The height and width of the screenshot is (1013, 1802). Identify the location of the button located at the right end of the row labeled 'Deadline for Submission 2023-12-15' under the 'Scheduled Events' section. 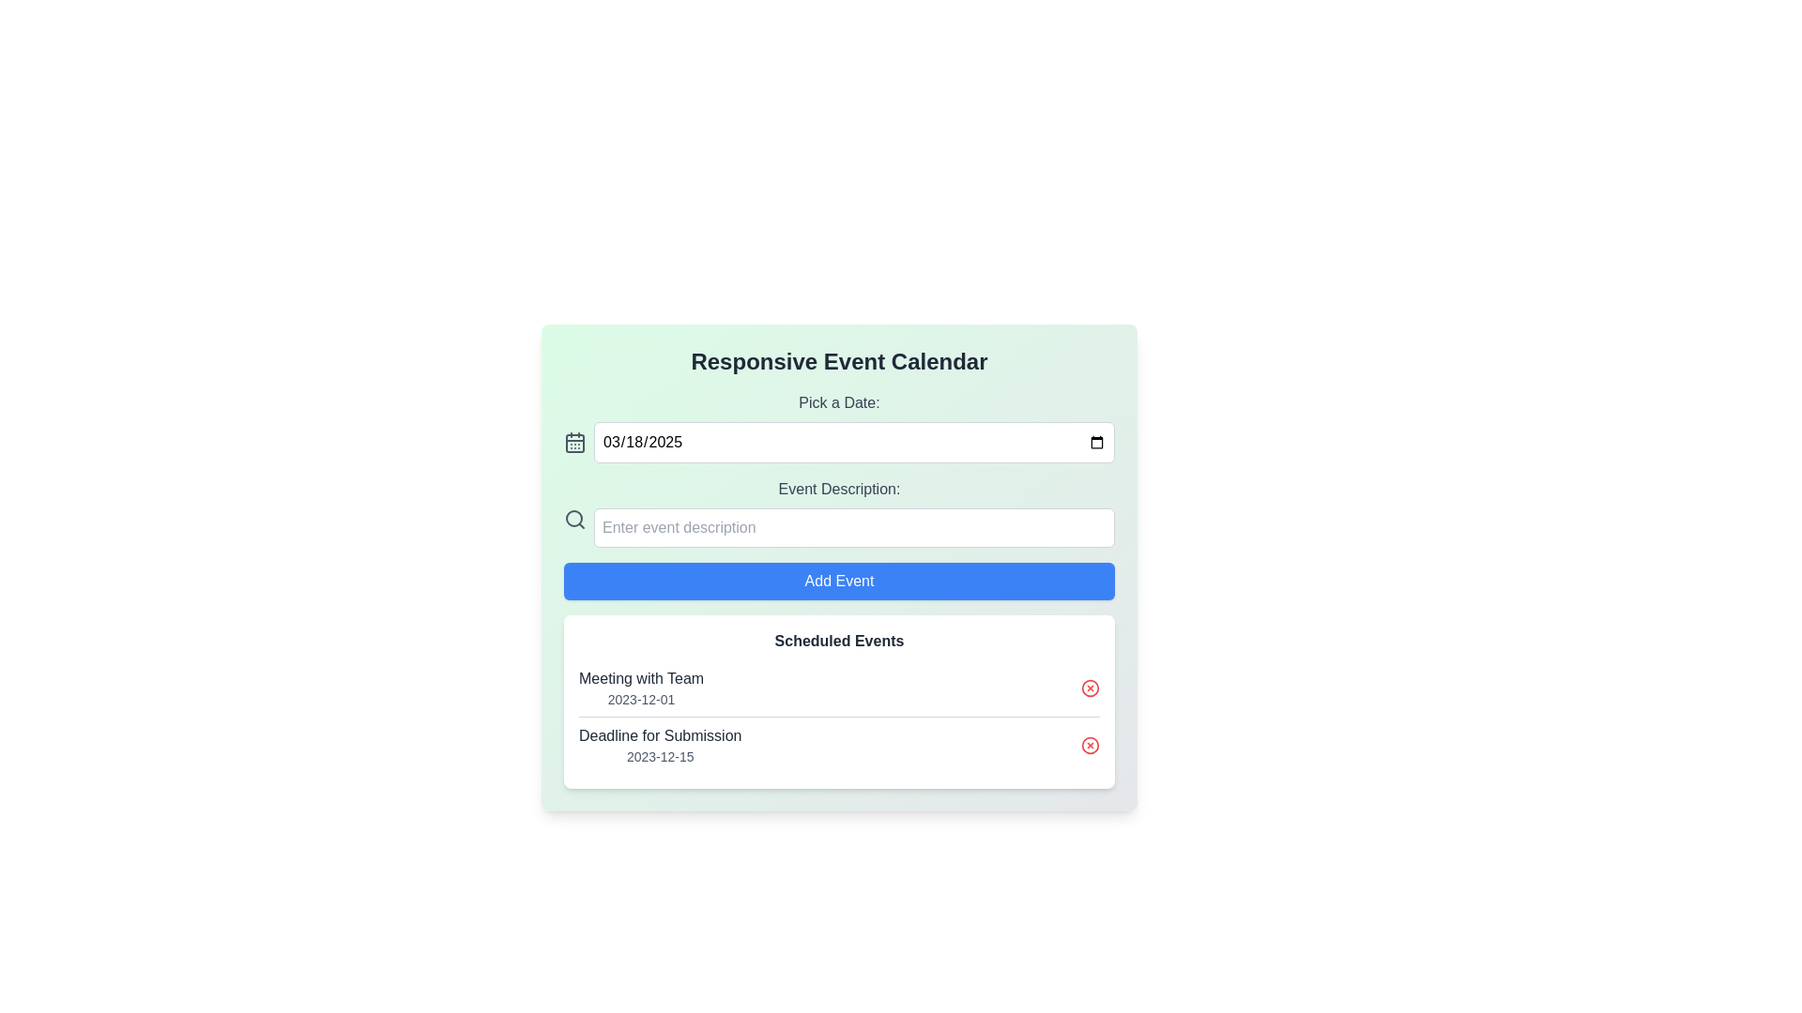
(1090, 744).